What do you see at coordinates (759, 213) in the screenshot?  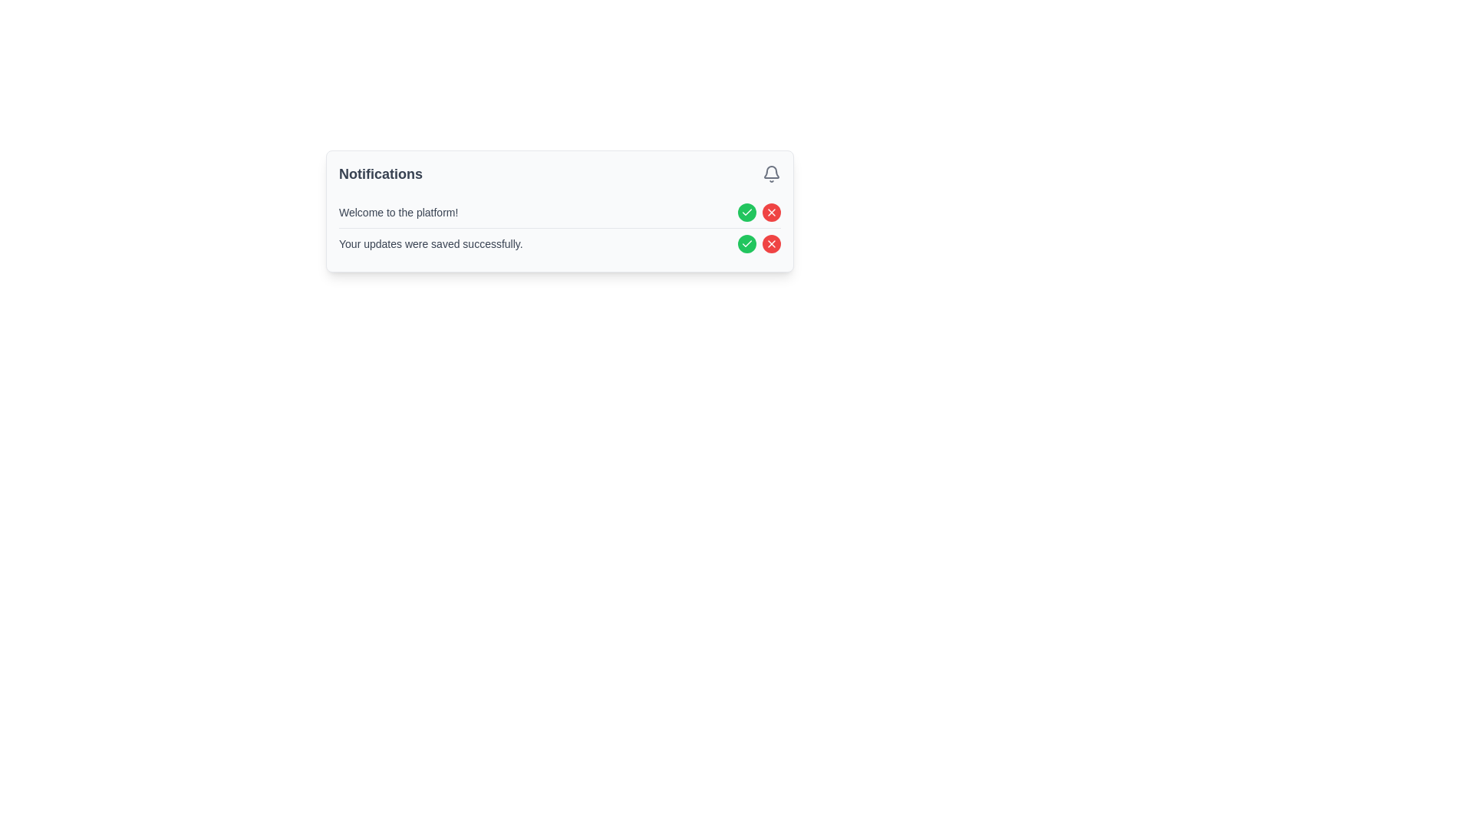 I see `the red cross button in the button group located to the right of the 'Welcome to the platform!' message` at bounding box center [759, 213].